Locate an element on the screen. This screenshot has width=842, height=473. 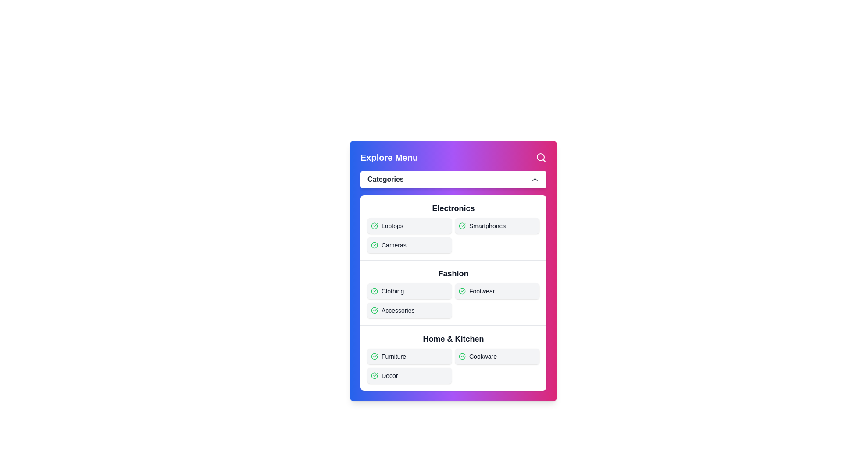
the 'Clothing' button in the 'Fashion' section to change its background shade is located at coordinates (409, 291).